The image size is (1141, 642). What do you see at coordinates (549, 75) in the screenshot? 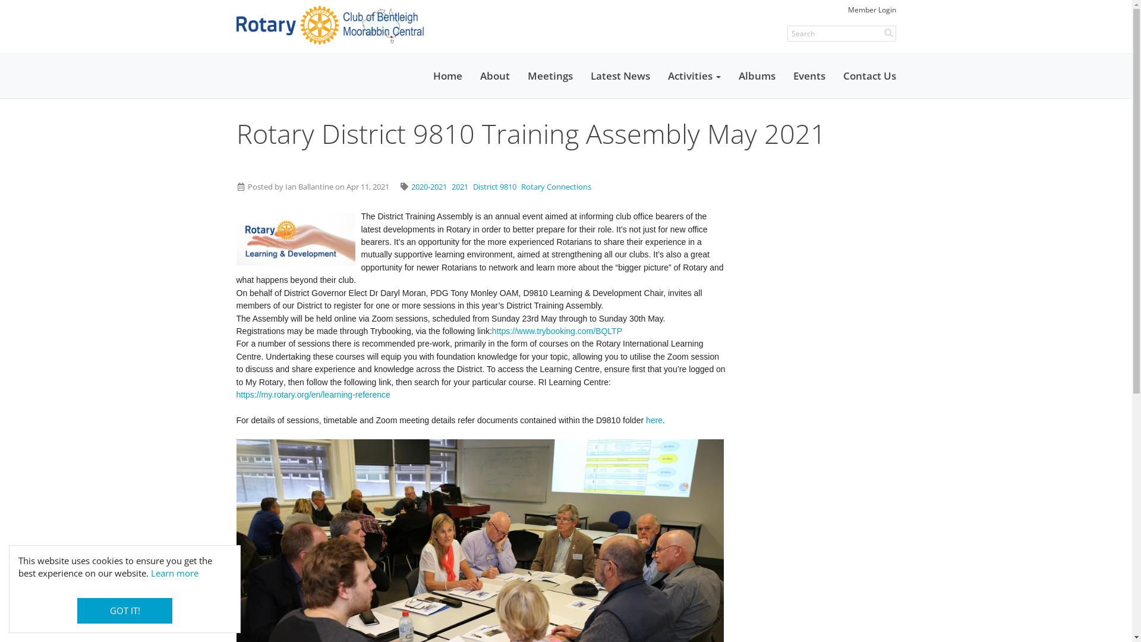
I see `'Meetings'` at bounding box center [549, 75].